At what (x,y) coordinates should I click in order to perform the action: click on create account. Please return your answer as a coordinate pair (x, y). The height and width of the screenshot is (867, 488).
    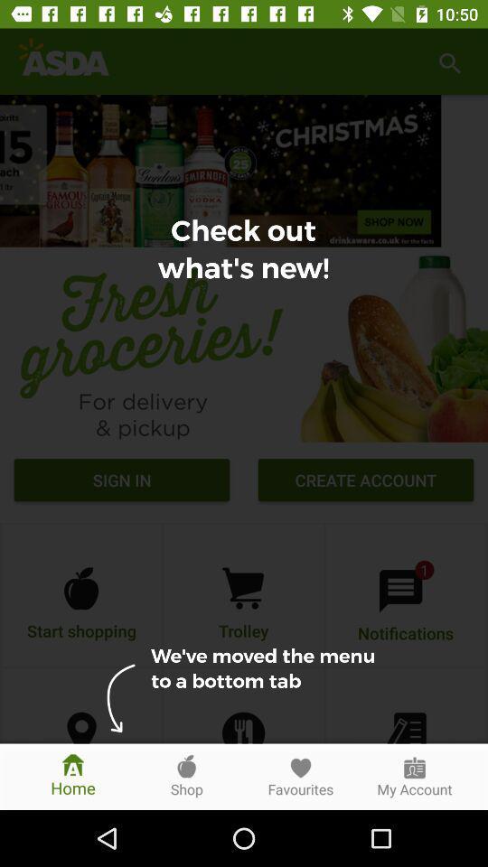
    Looking at the image, I should click on (366, 481).